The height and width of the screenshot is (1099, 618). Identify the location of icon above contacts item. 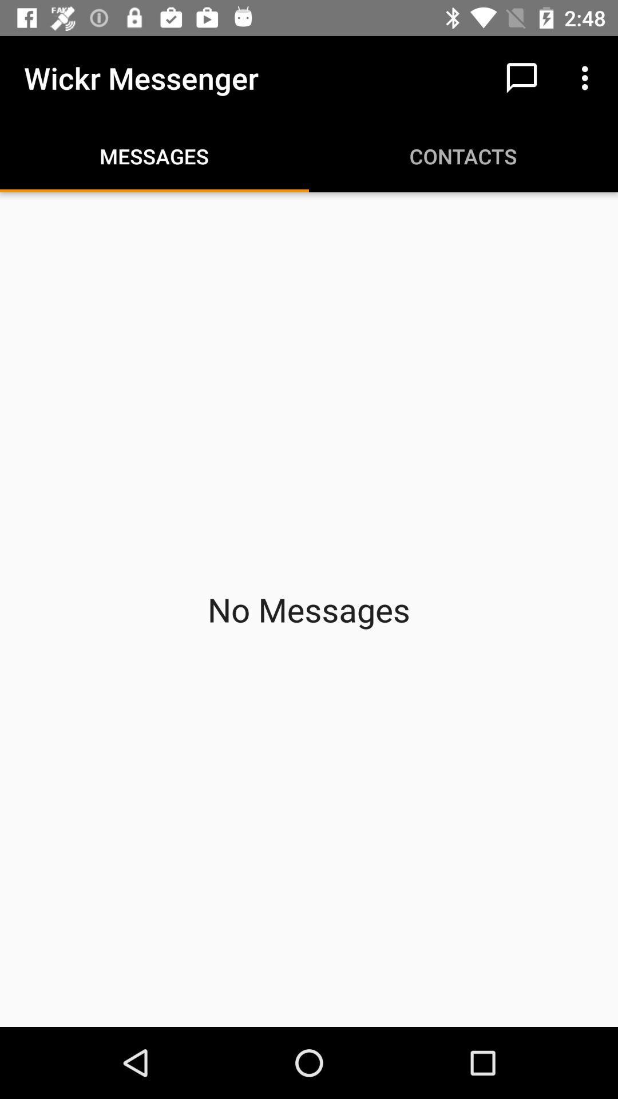
(521, 77).